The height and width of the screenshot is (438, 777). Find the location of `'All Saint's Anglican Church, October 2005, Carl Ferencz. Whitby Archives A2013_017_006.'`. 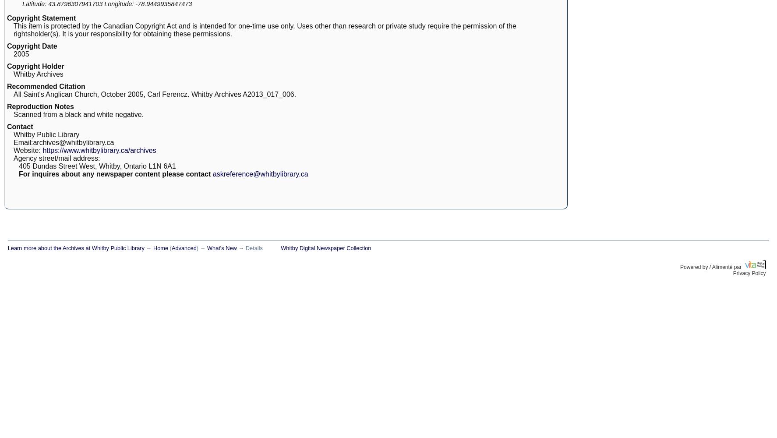

'All Saint's Anglican Church, October 2005, Carl Ferencz. Whitby Archives A2013_017_006.' is located at coordinates (155, 94).